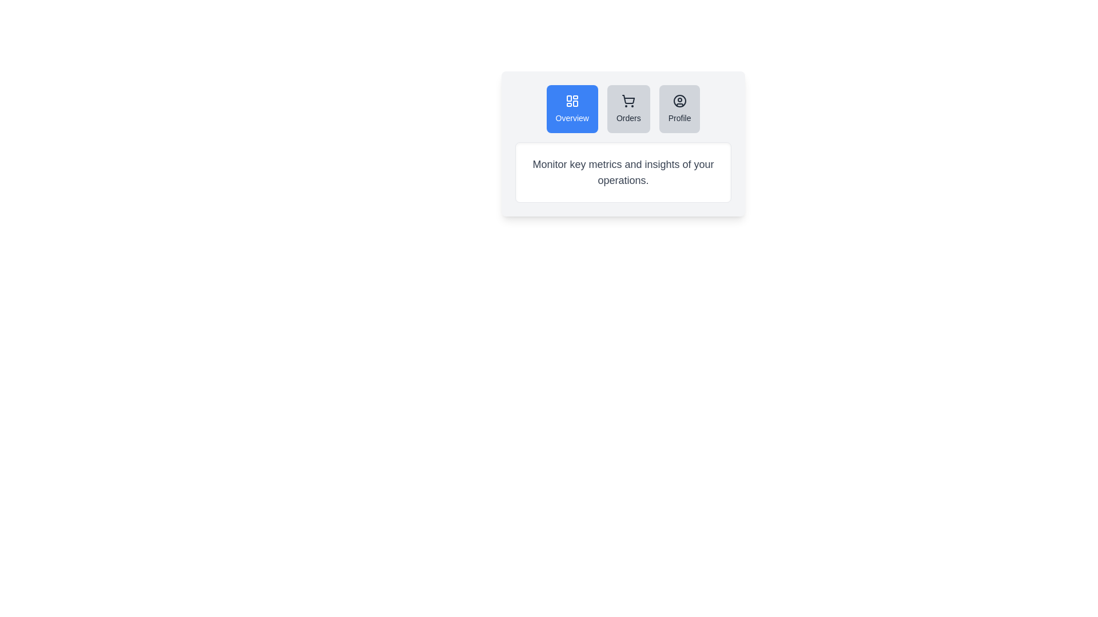  I want to click on the text content of the active tab, so click(622, 172).